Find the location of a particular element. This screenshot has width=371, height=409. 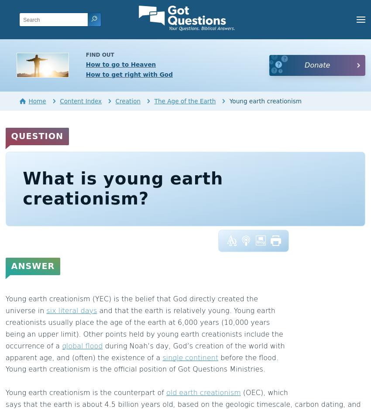

'and that the earth is relatively young. Young earth creationists usually place the age of the earth at 6,000 years (10,000 years being an upper limit). Other points held by young earth creationists include the occurrence of a' is located at coordinates (144, 328).